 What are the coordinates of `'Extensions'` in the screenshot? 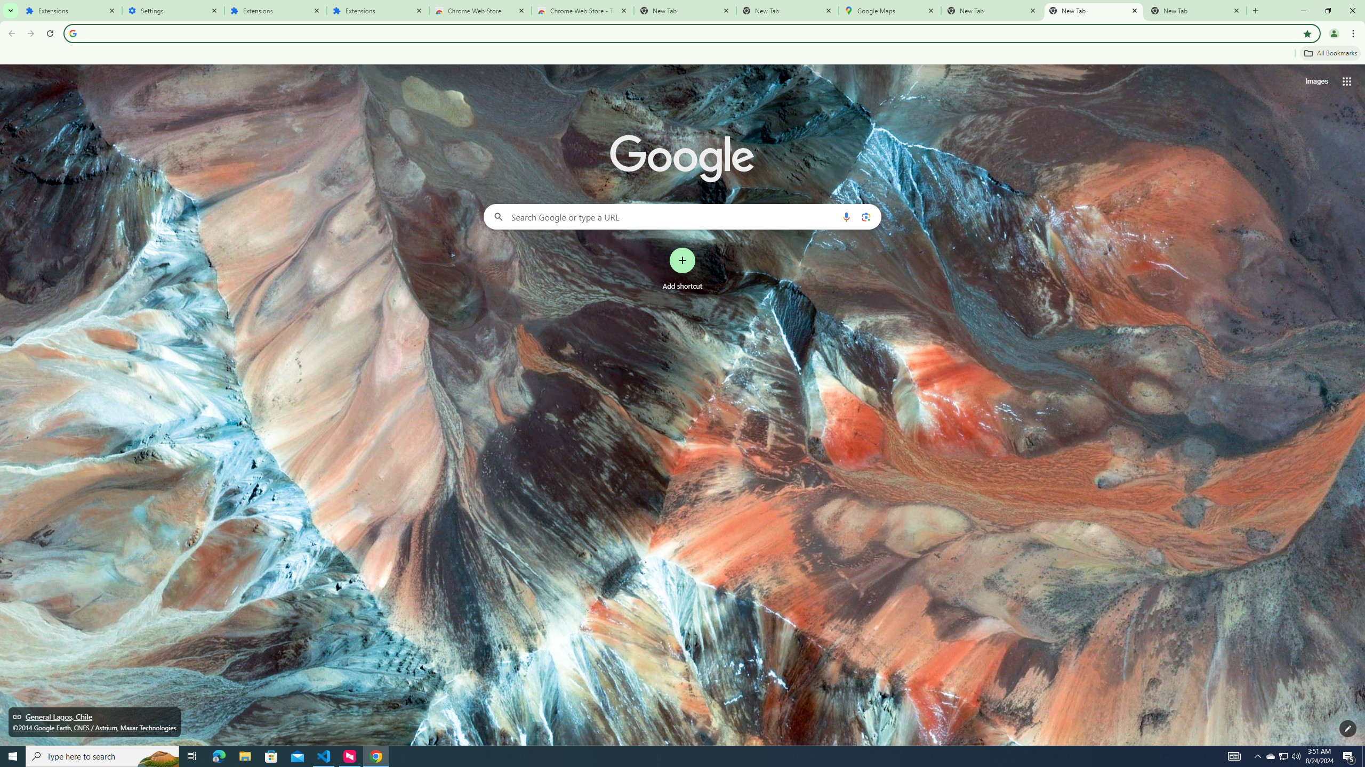 It's located at (71, 10).